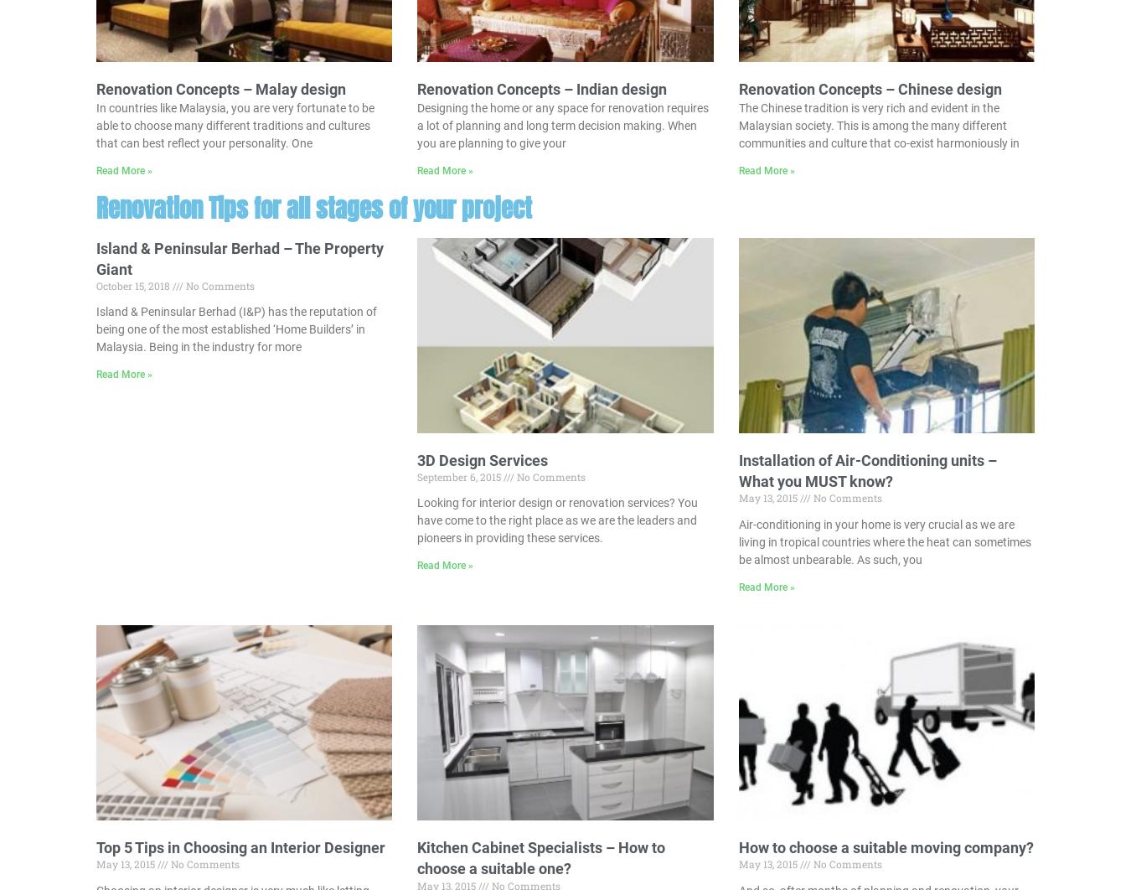 The width and height of the screenshot is (1131, 890). What do you see at coordinates (416, 475) in the screenshot?
I see `'September 6, 2015'` at bounding box center [416, 475].